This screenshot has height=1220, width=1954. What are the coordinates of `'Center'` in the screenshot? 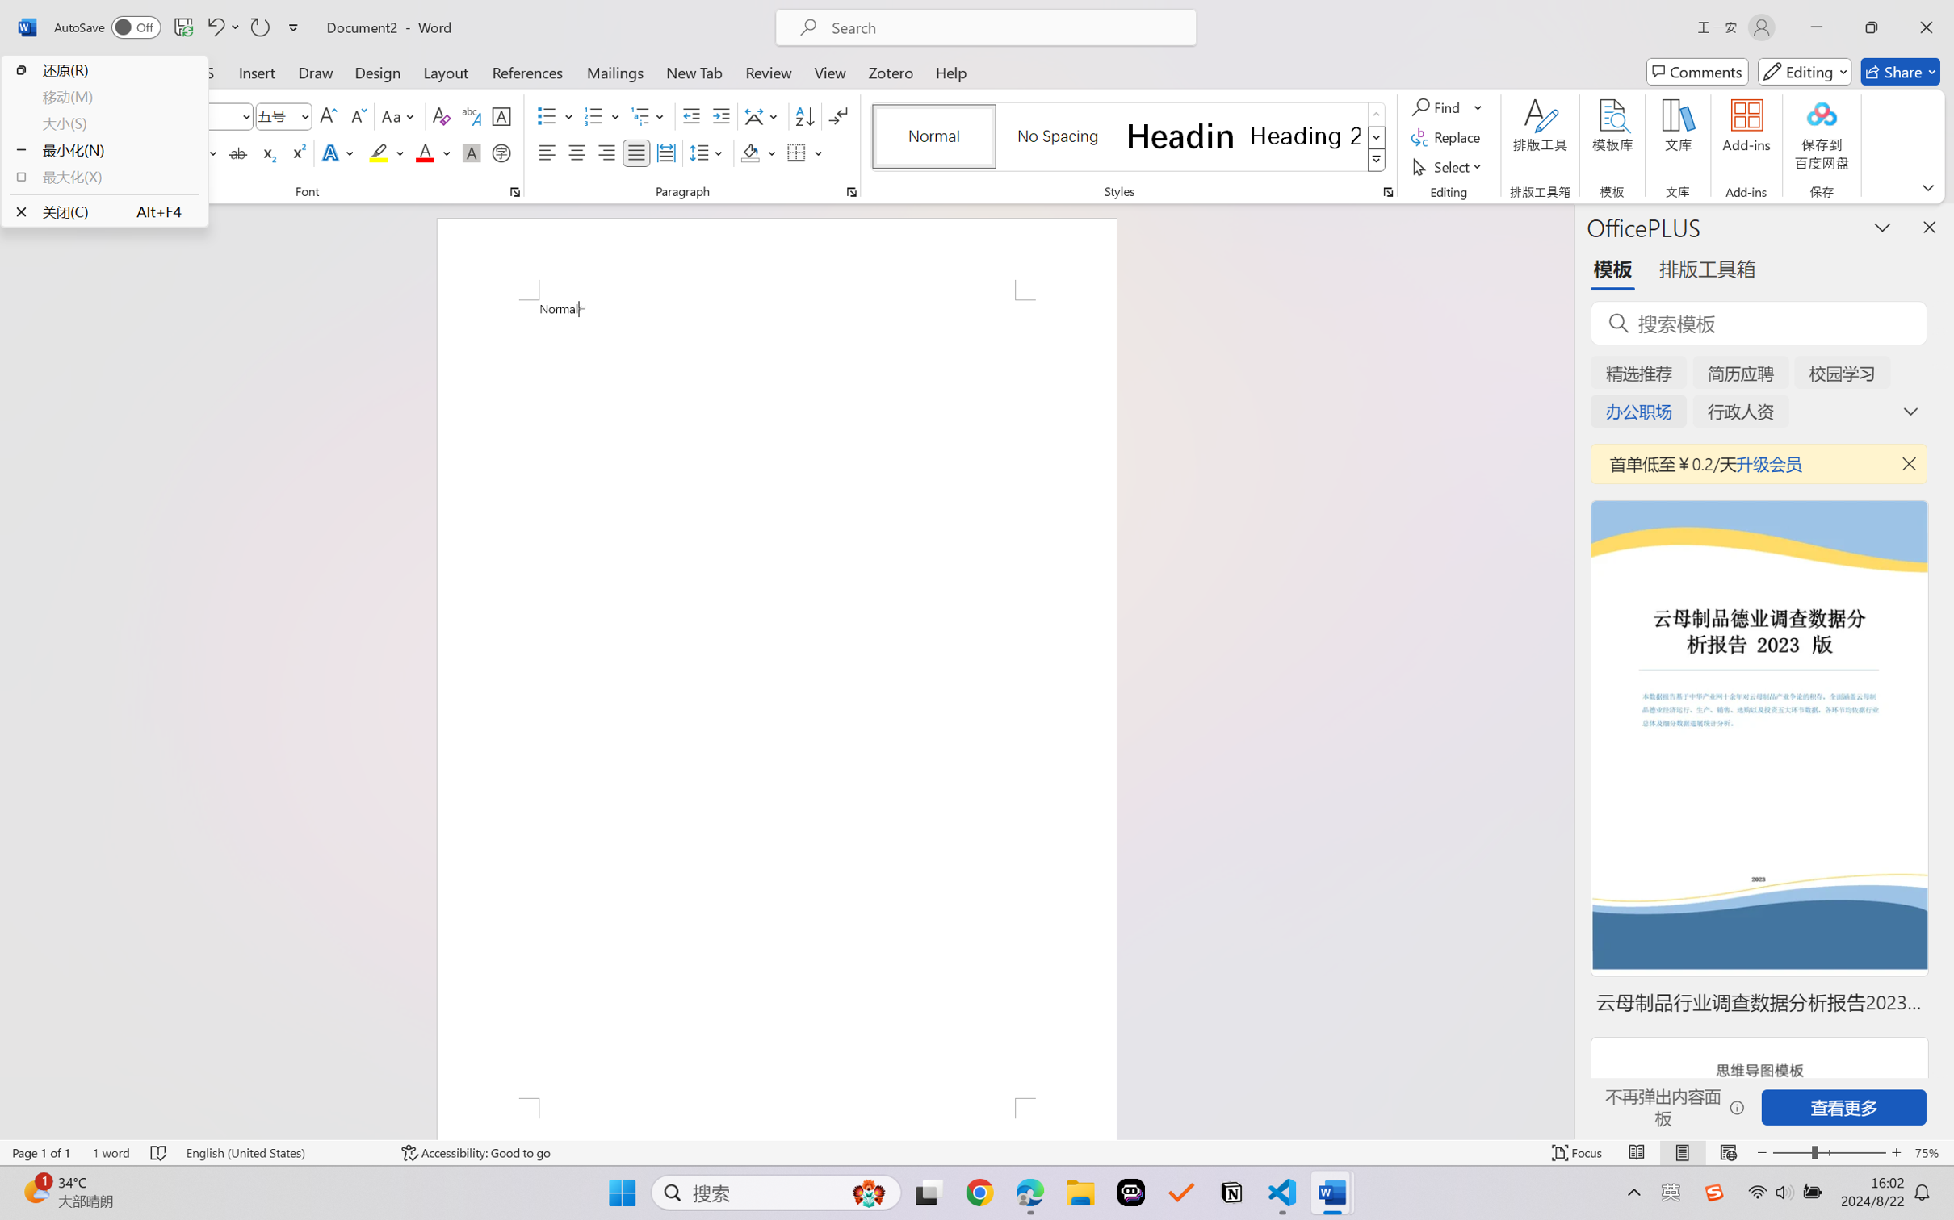 It's located at (576, 152).